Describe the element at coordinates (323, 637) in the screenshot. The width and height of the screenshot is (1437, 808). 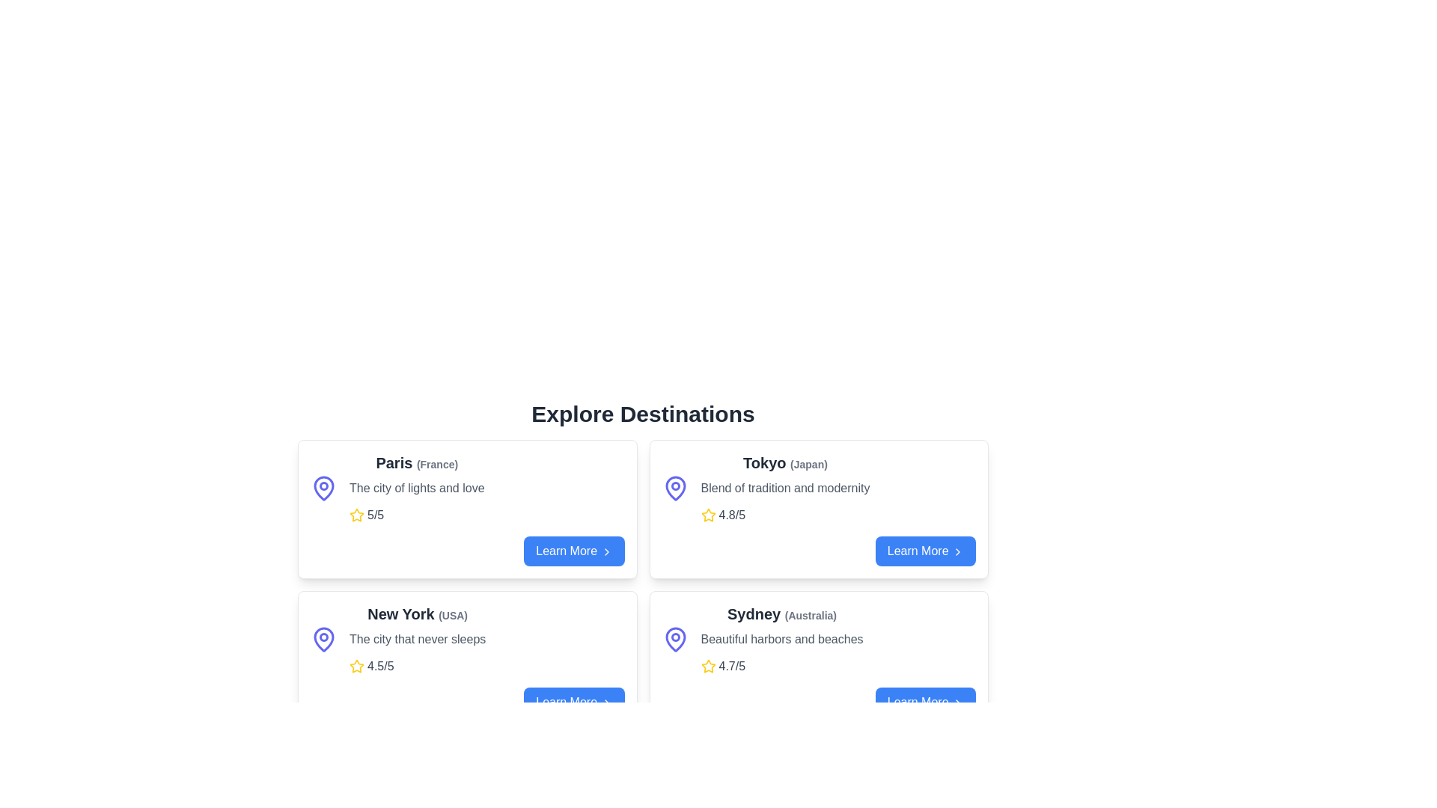
I see `the small circular marker within the location pin icon that is styled with a blue outline, located to the left of the destination title 'New York (USA)'` at that location.